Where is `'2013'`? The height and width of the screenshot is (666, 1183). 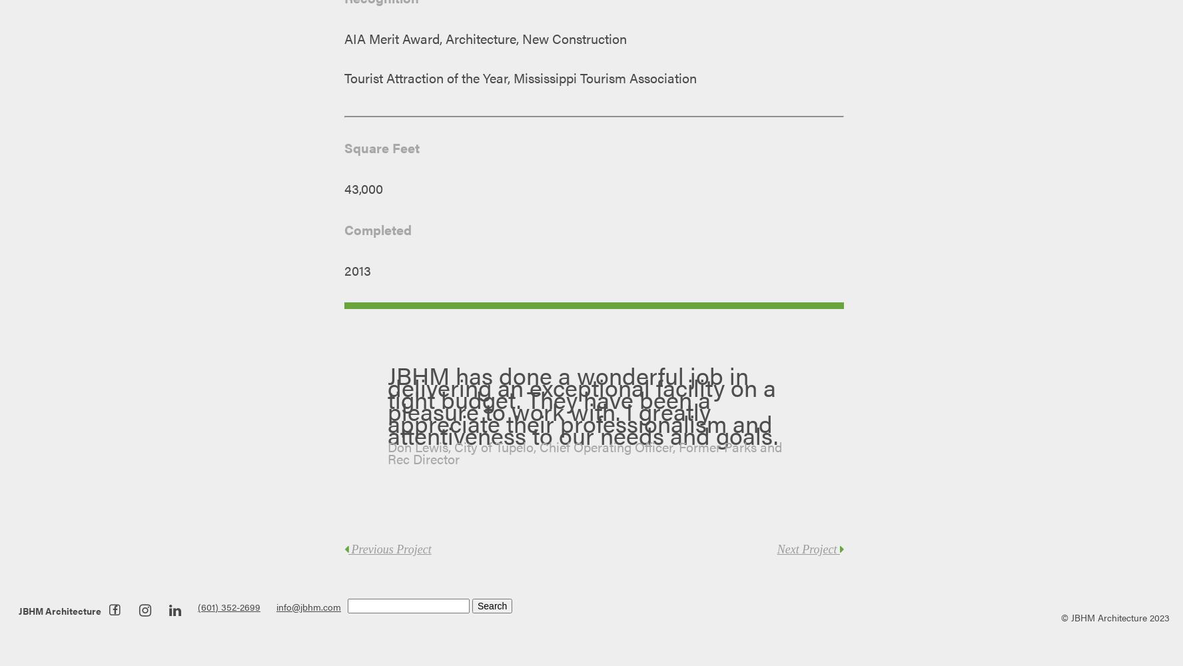 '2013' is located at coordinates (358, 270).